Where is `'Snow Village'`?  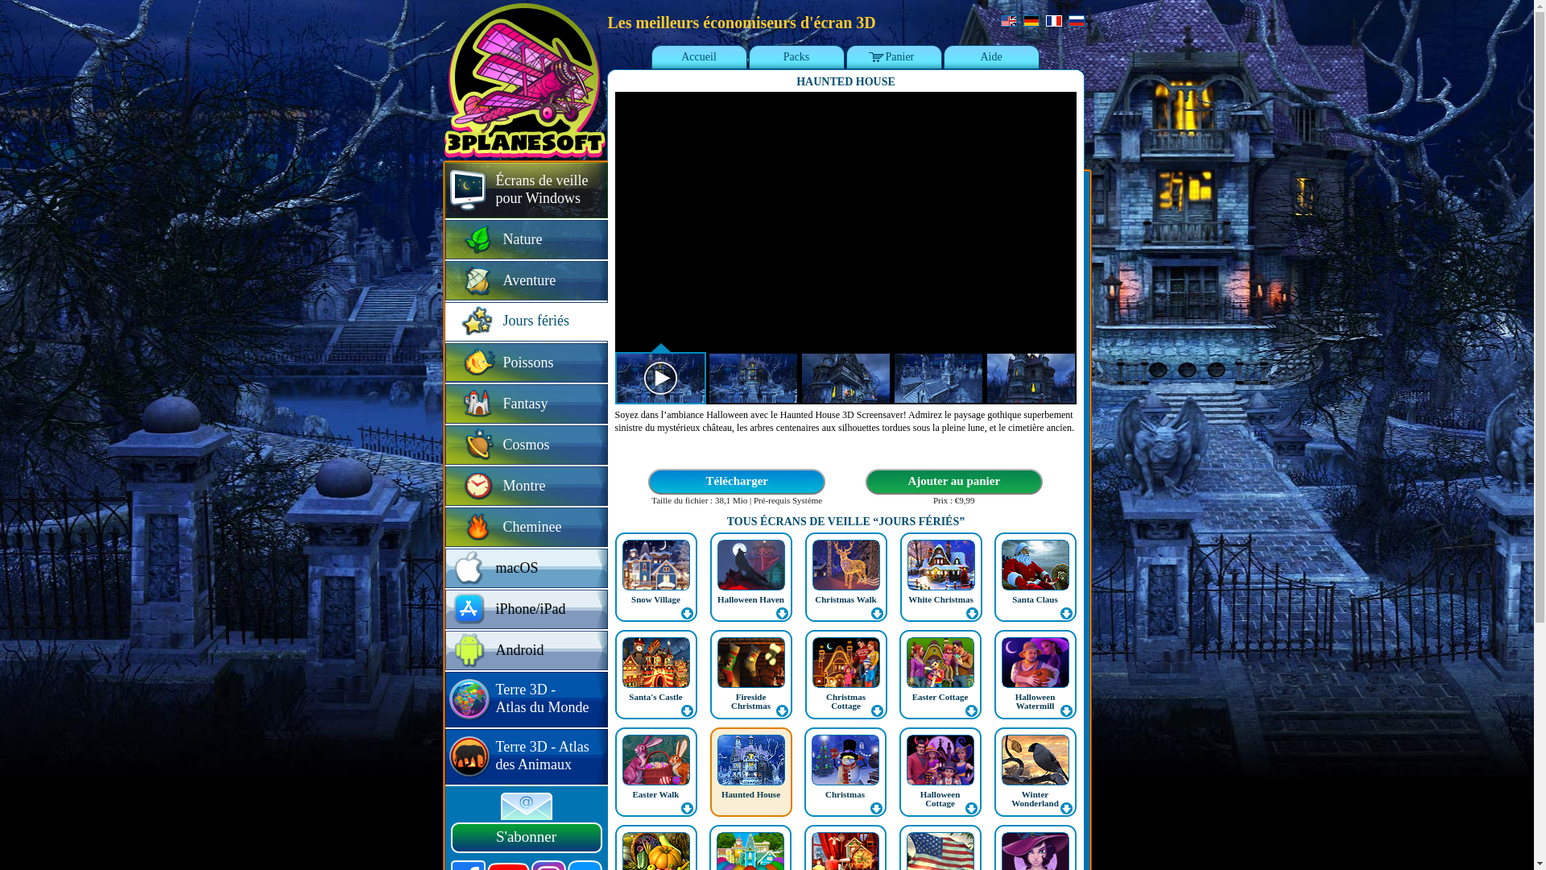
'Snow Village' is located at coordinates (656, 576).